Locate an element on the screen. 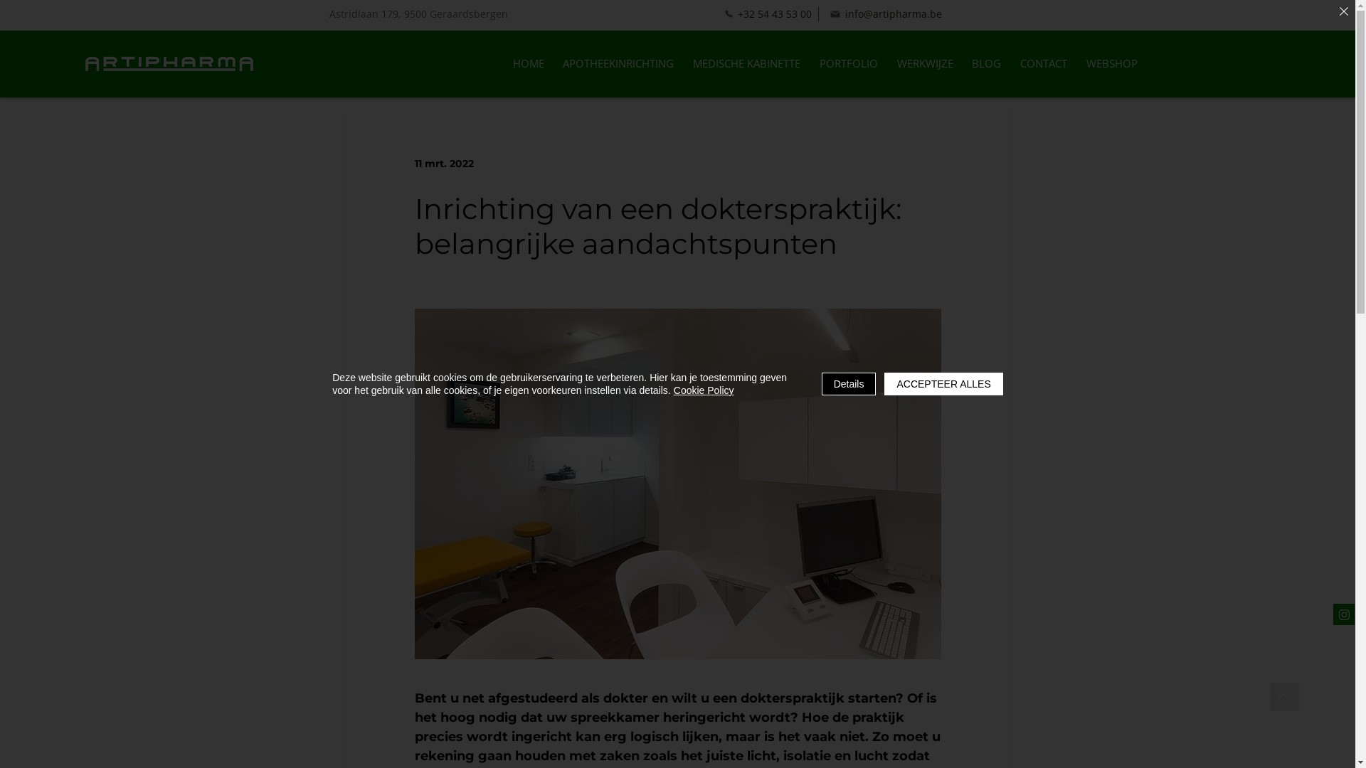  'WERKWIJZE' is located at coordinates (887, 63).